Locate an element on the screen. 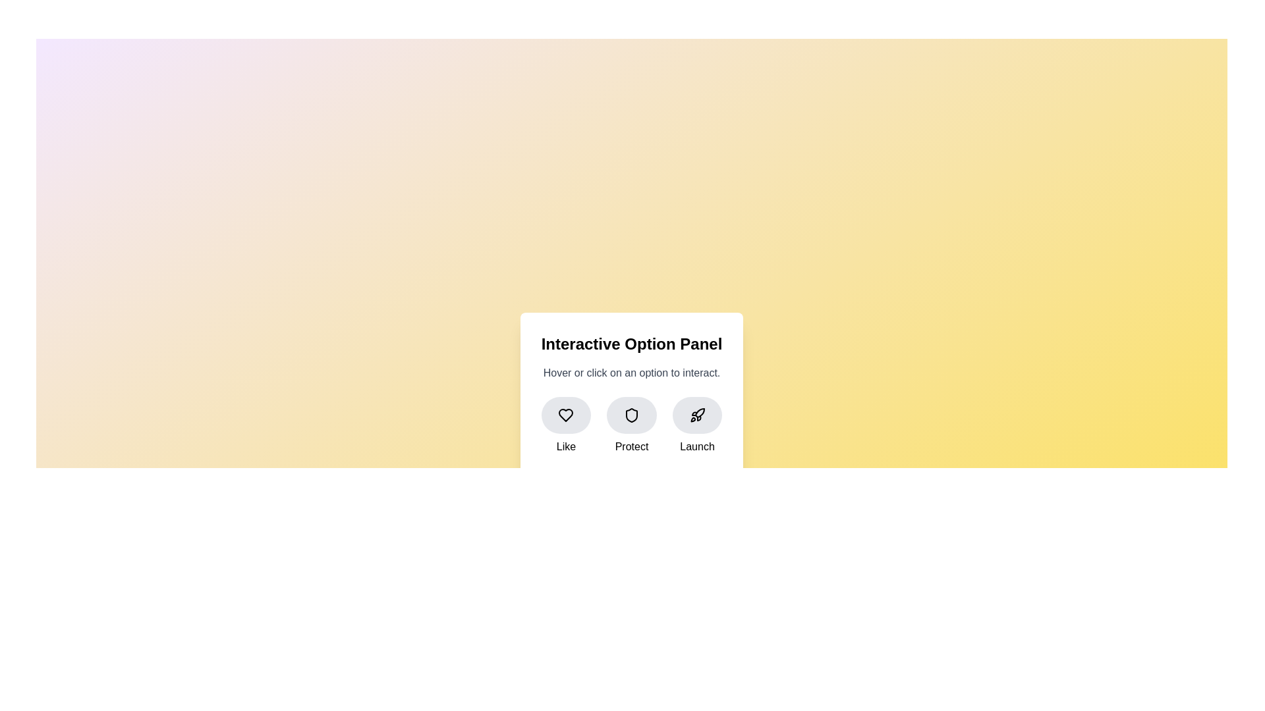 This screenshot has width=1265, height=711. the text label reading 'Protect', which is styled with a slightly bold font and positioned below the shield icon is located at coordinates (631, 446).